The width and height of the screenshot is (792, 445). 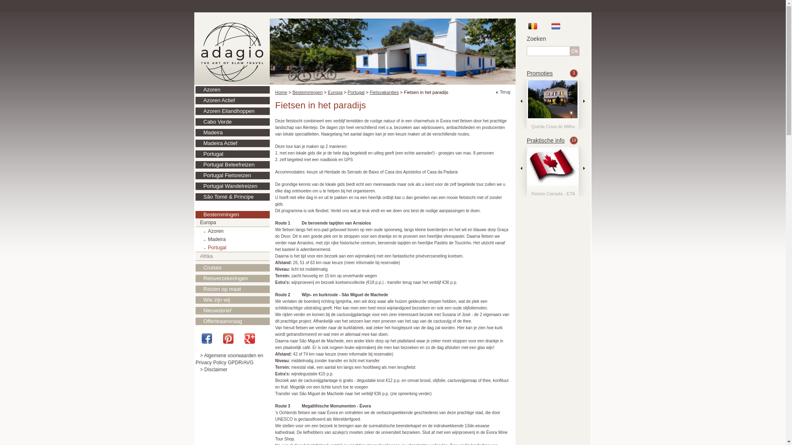 I want to click on 'Offerteaanvraag', so click(x=232, y=321).